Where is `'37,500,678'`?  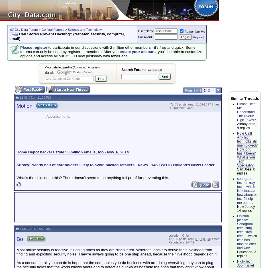 '37,500,678' is located at coordinates (203, 239).